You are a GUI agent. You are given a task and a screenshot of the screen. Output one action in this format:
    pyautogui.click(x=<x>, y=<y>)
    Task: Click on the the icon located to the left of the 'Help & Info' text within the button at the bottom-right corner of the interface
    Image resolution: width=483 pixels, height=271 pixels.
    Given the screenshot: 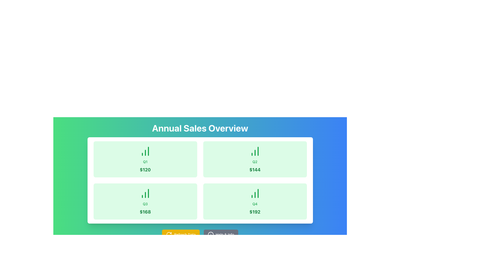 What is the action you would take?
    pyautogui.click(x=211, y=234)
    